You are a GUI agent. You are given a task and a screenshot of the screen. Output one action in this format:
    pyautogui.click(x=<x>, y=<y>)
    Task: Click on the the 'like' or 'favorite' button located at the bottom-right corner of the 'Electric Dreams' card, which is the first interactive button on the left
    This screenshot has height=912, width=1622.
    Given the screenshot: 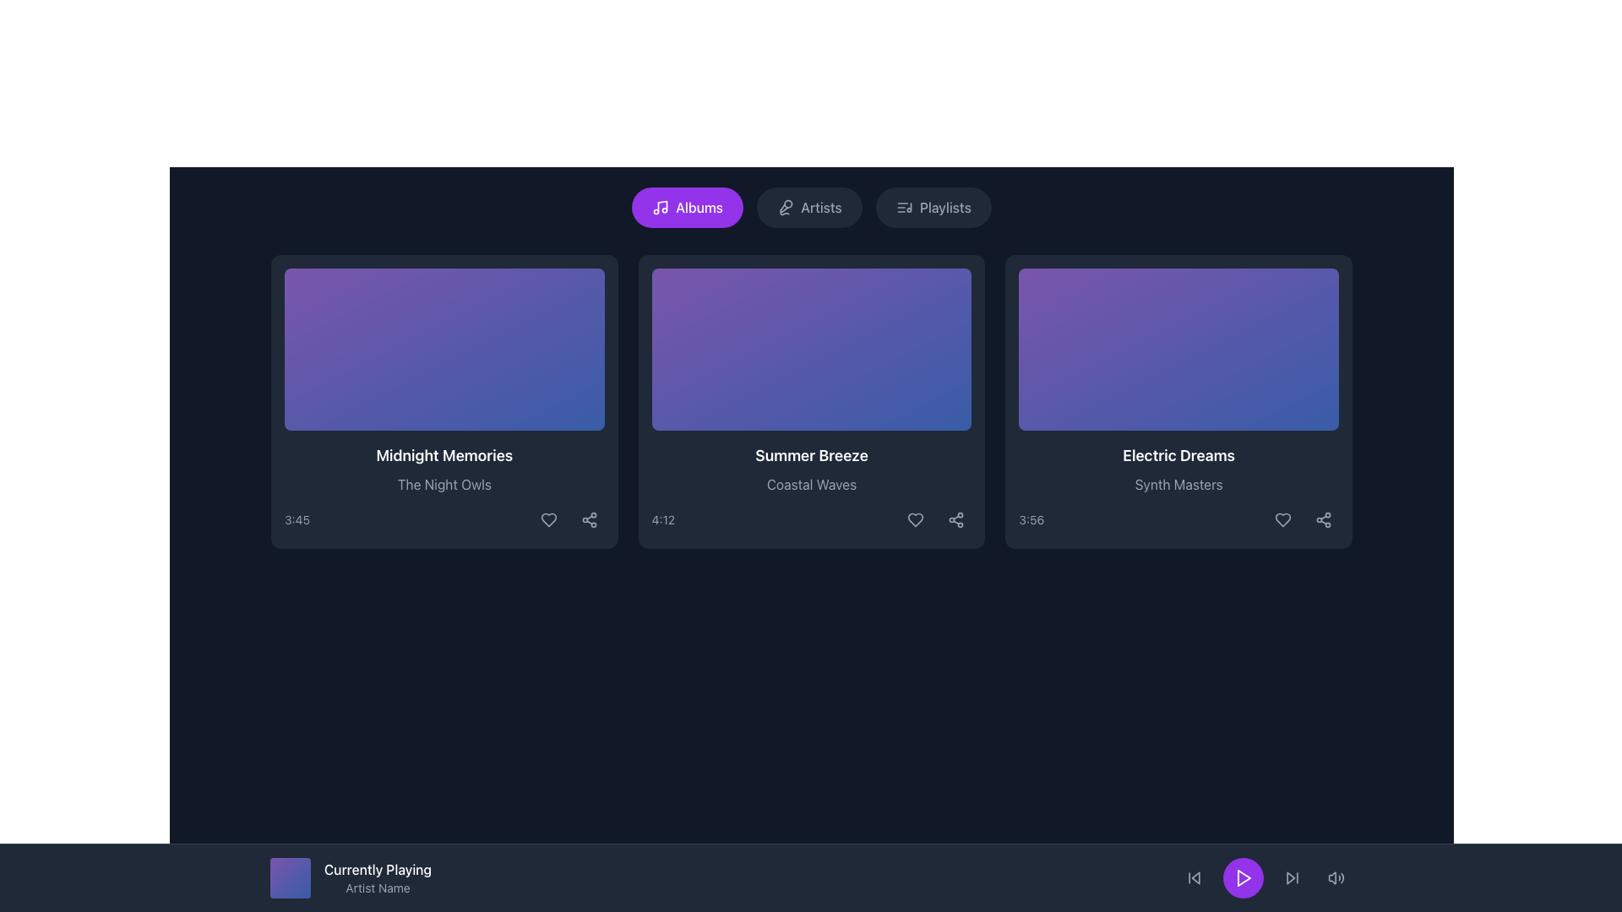 What is the action you would take?
    pyautogui.click(x=1282, y=519)
    